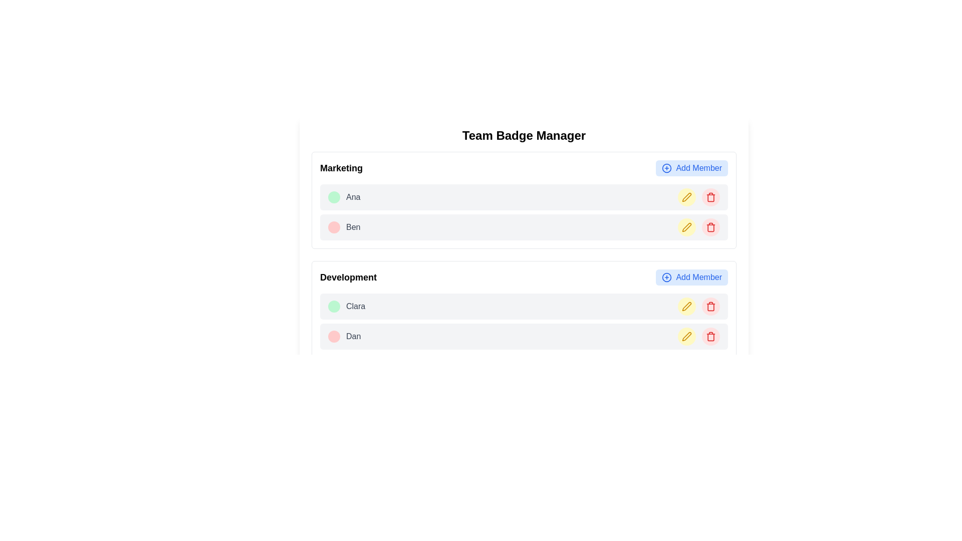 The height and width of the screenshot is (541, 962). What do you see at coordinates (691, 167) in the screenshot?
I see `the blue 'Add Member' button with a plus icon located in the top-right corner of the 'Marketing' section` at bounding box center [691, 167].